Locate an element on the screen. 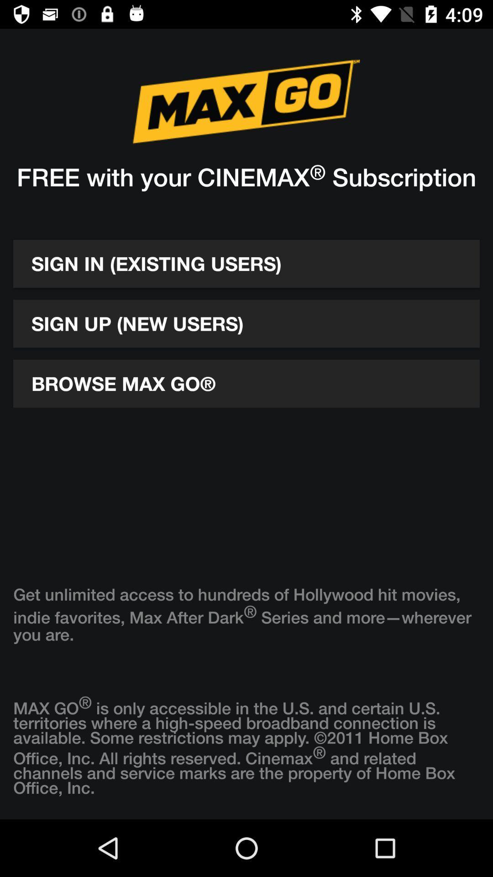 Image resolution: width=493 pixels, height=877 pixels. sign in existing item is located at coordinates (246, 263).